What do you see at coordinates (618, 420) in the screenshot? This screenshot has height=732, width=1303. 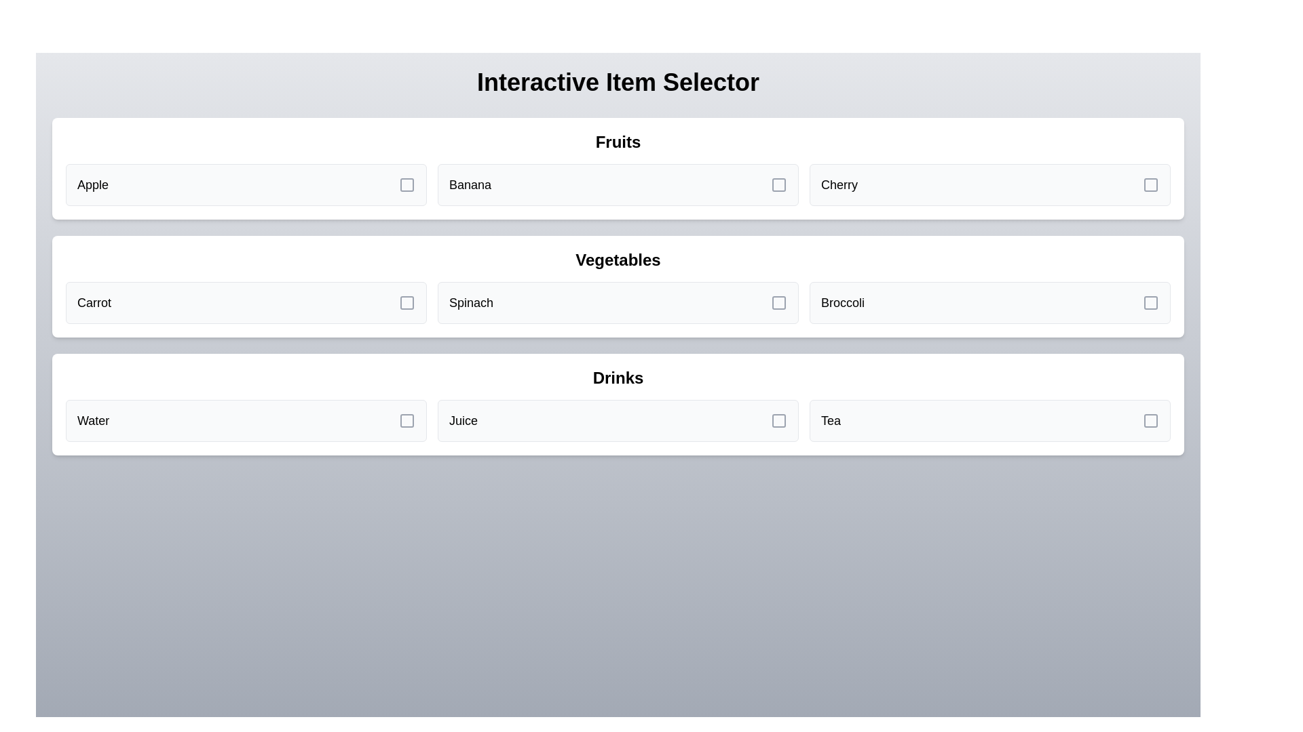 I see `the item Juice from the grid` at bounding box center [618, 420].